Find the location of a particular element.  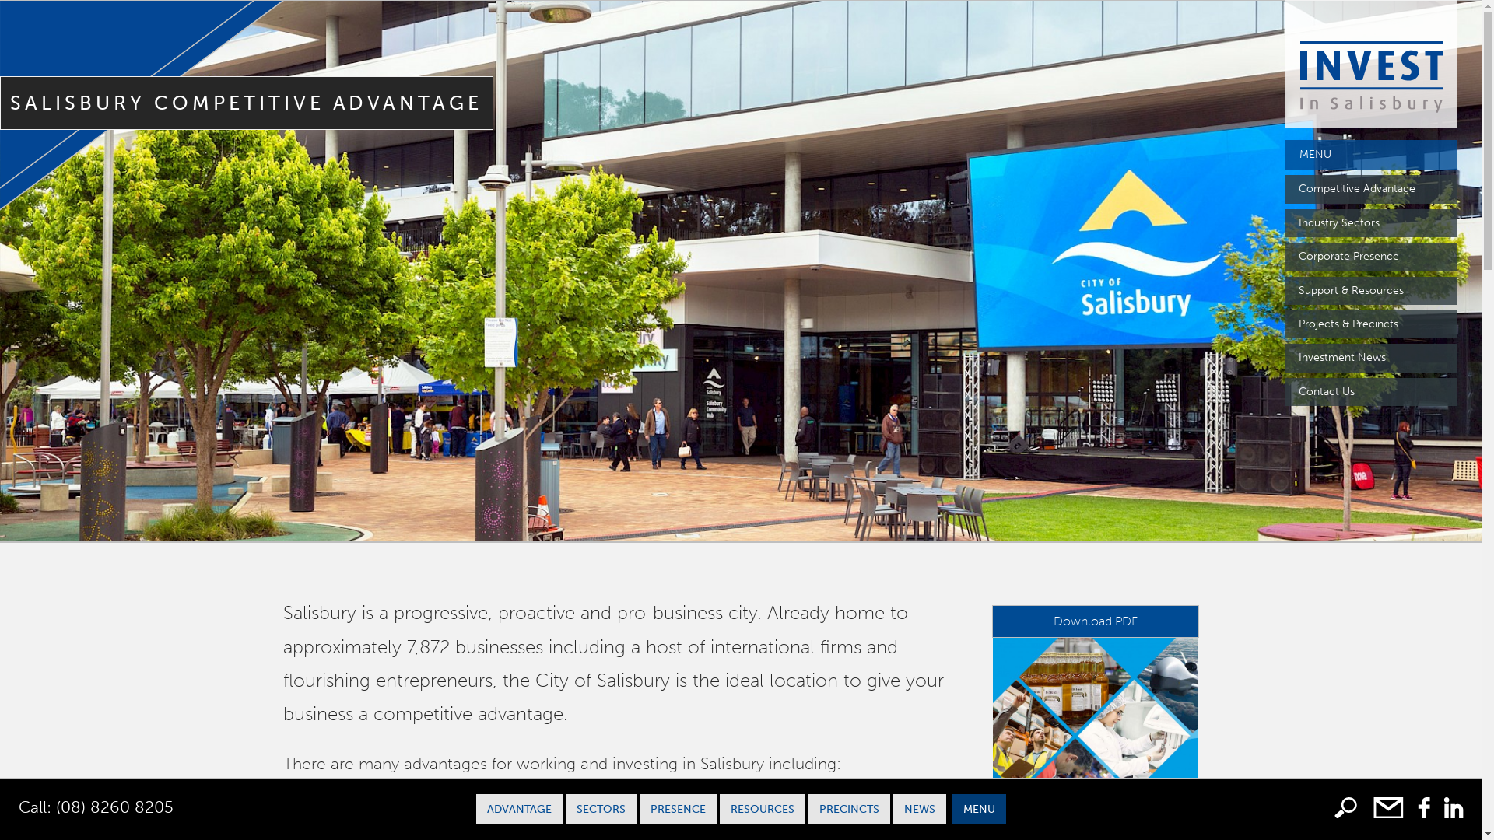

'Industry Sectors' is located at coordinates (1370, 222).